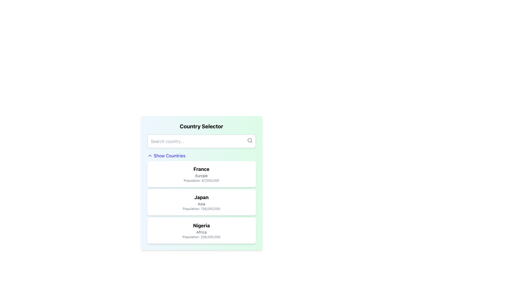 This screenshot has width=521, height=293. Describe the element at coordinates (201, 232) in the screenshot. I see `text label displaying 'Africa' in light gray color, located under 'Nigeria' and above the population details` at that location.